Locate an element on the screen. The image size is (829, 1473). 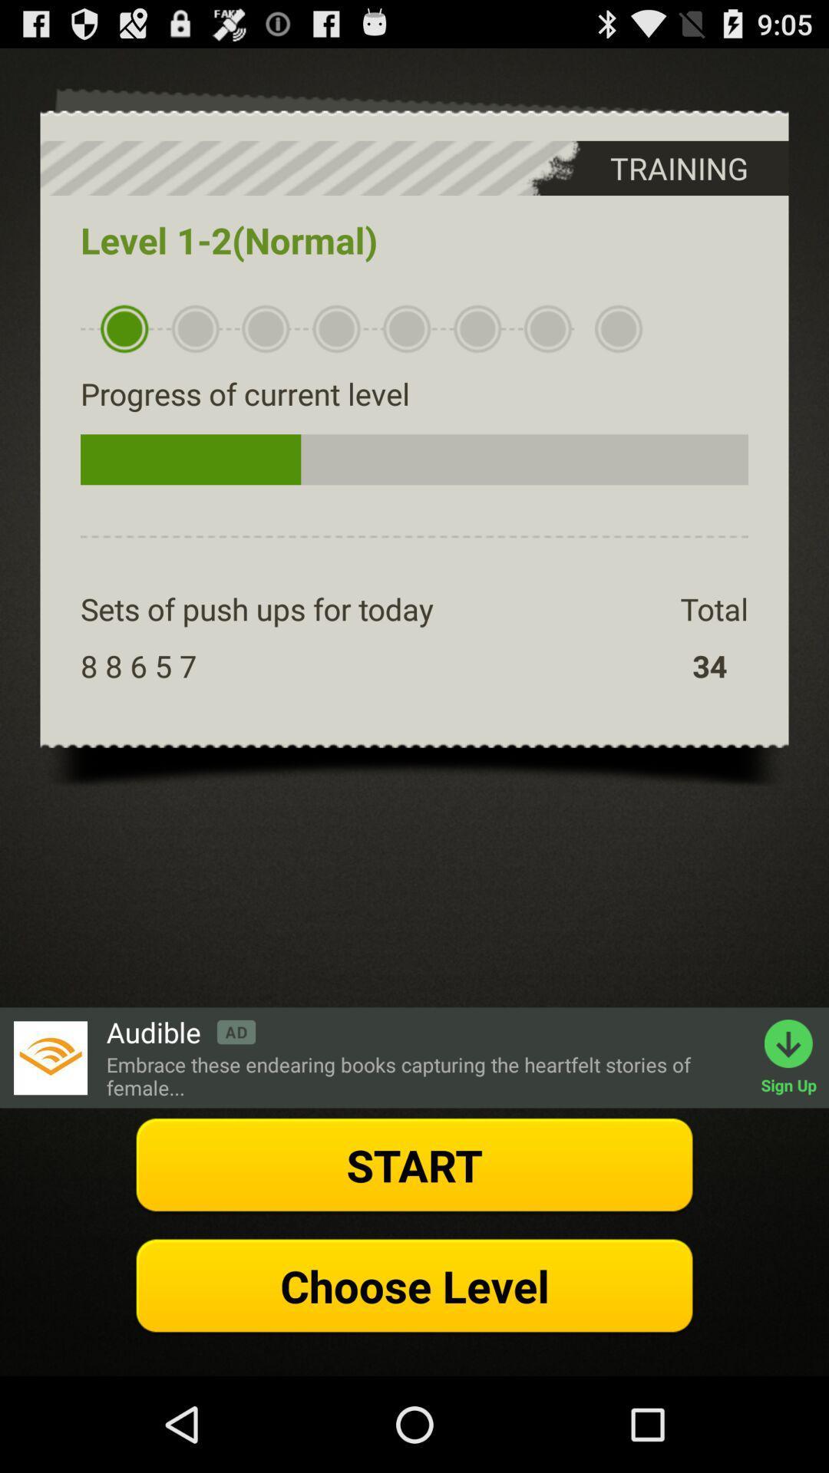
third circle below normal is located at coordinates (265, 328).